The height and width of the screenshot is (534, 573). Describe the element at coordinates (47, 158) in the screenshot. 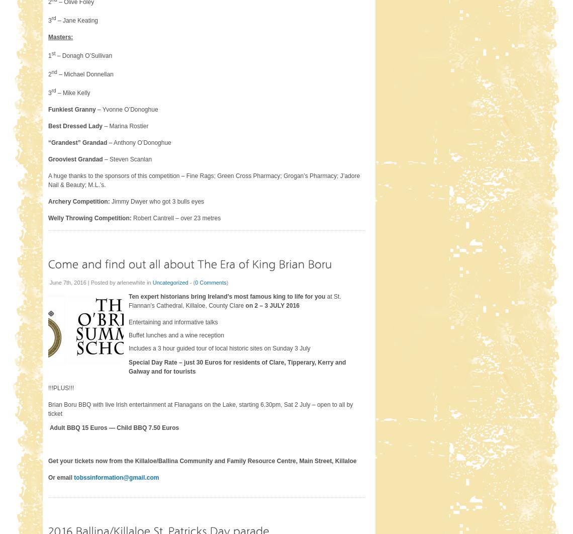

I see `'Grooviest Grandad'` at that location.